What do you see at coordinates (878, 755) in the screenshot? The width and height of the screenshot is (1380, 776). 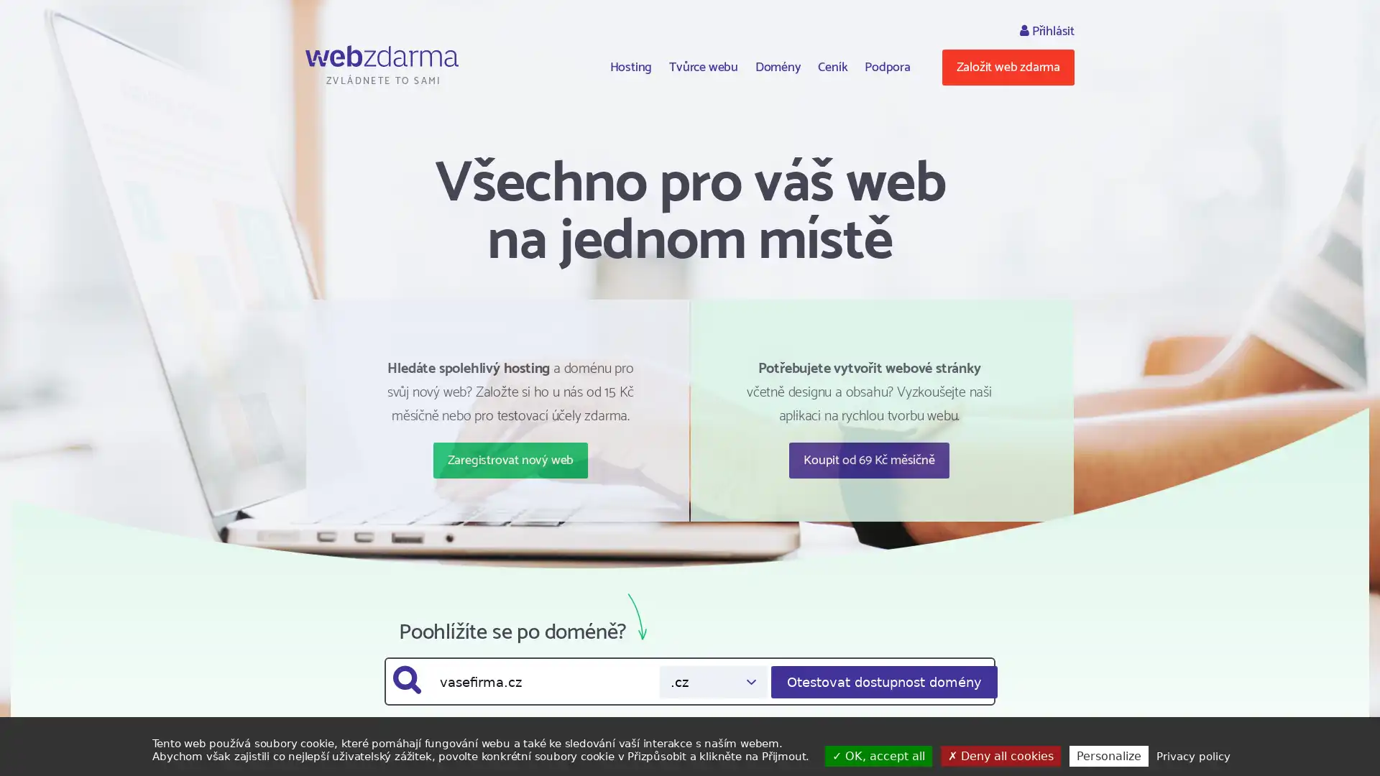 I see `OK, accept all` at bounding box center [878, 755].